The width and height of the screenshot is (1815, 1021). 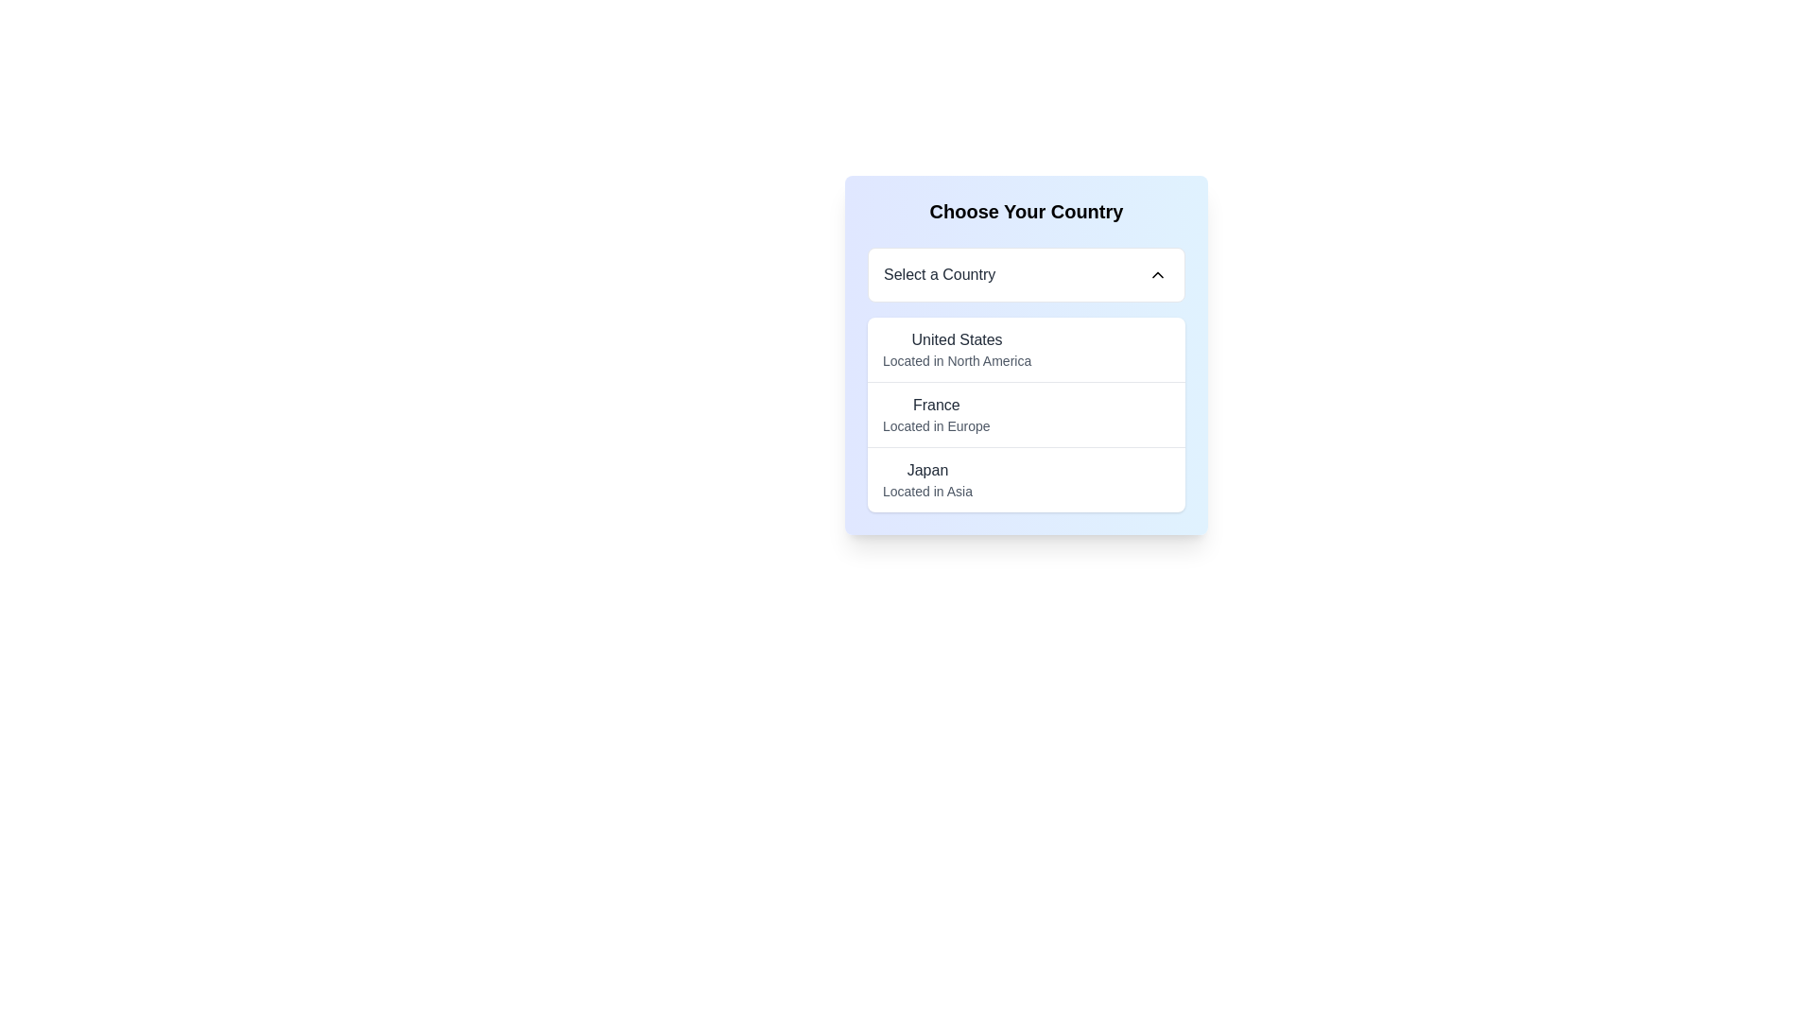 I want to click on the first selectable option in the list labeled 'United States' under the heading 'Choose Your Country', so click(x=1025, y=355).